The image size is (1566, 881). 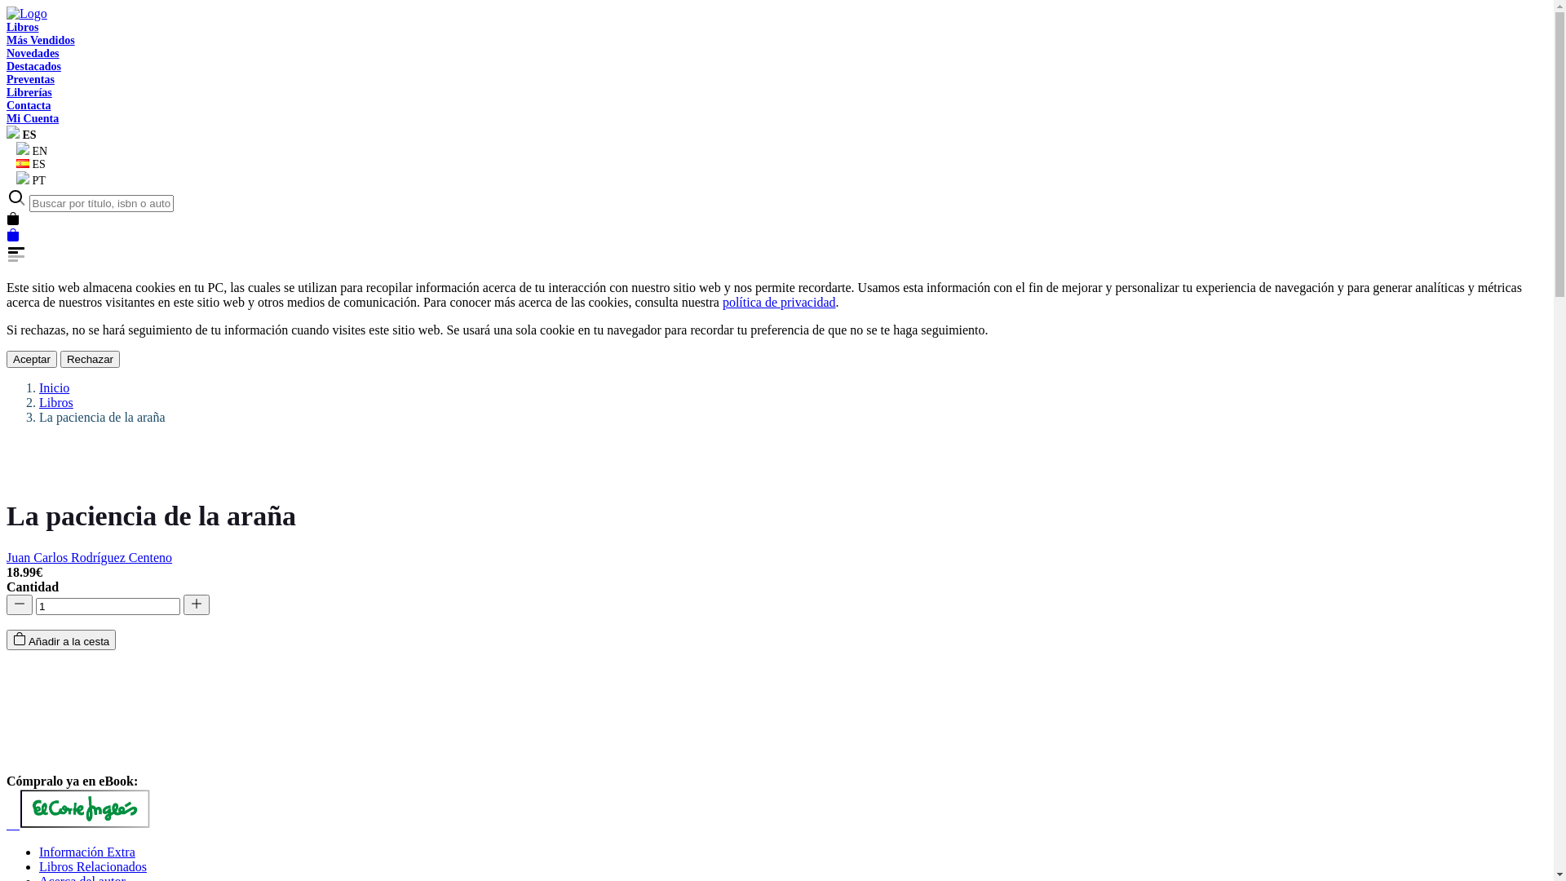 What do you see at coordinates (54, 387) in the screenshot?
I see `'Inicio'` at bounding box center [54, 387].